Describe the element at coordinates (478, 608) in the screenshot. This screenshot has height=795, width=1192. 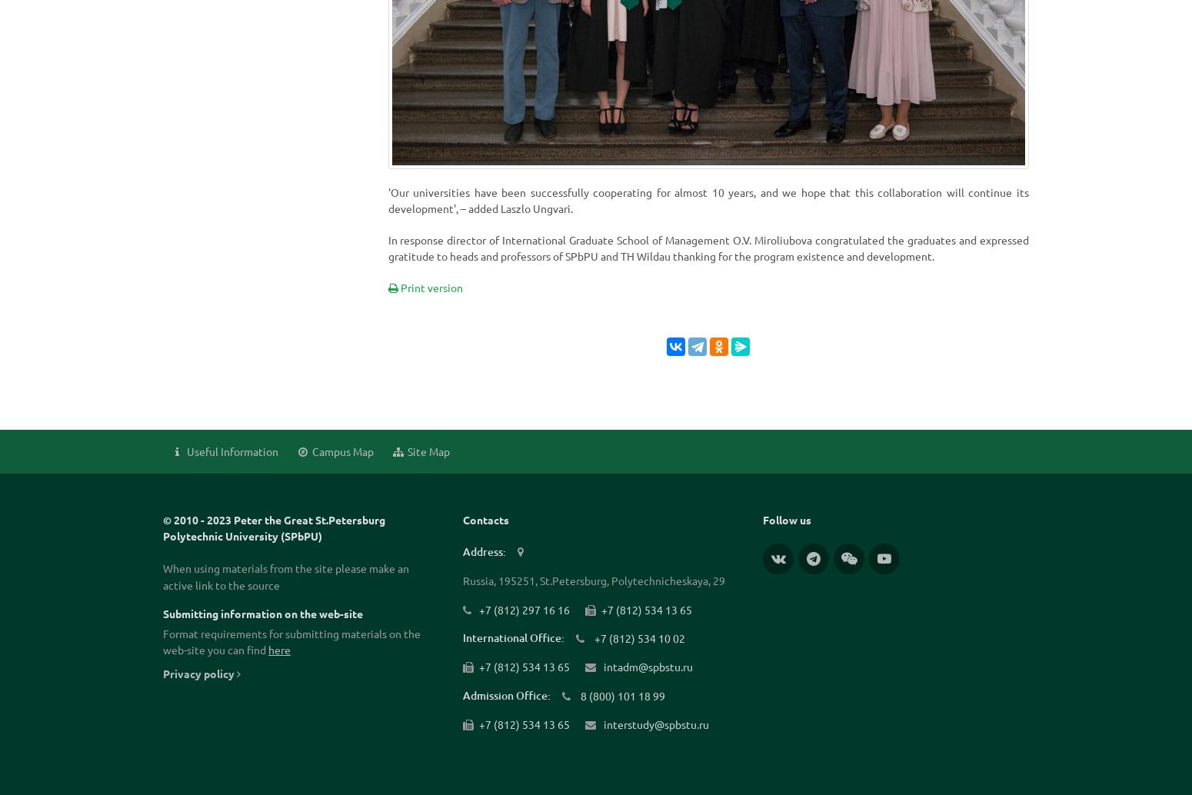
I see `'+7 (812) 297 16 16'` at that location.